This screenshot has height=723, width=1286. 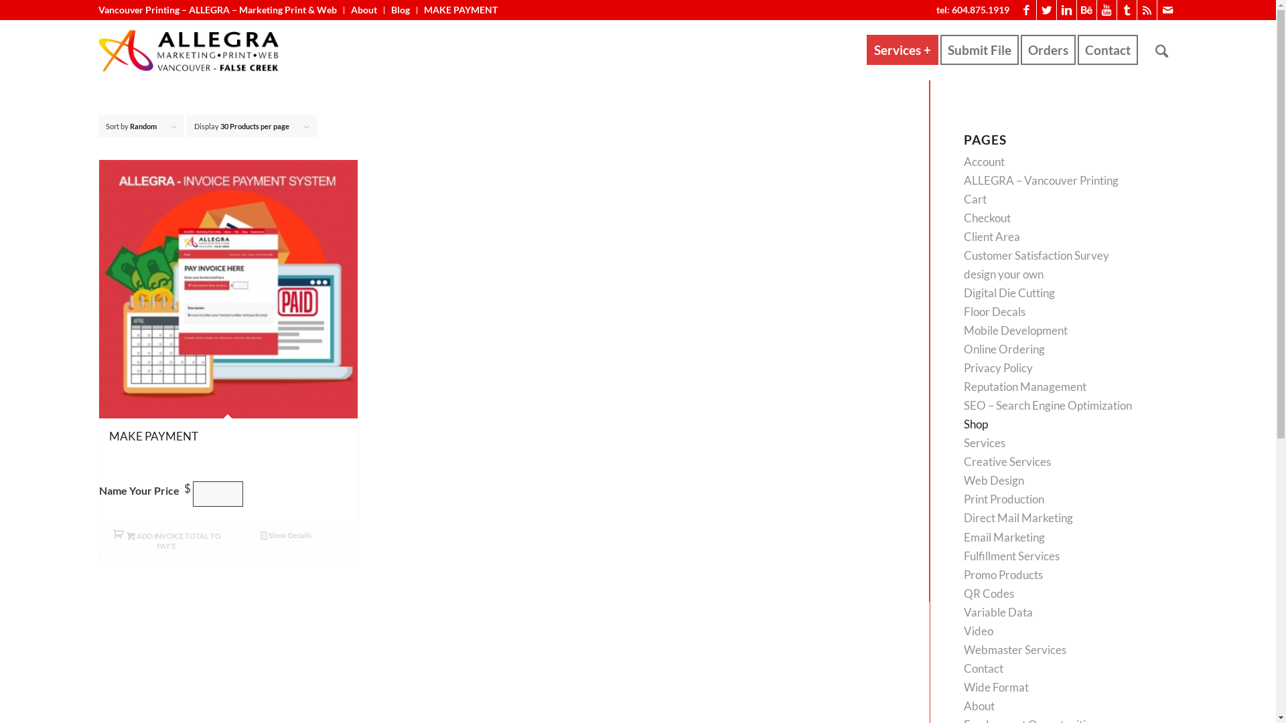 I want to click on 'Variable Data', so click(x=998, y=612).